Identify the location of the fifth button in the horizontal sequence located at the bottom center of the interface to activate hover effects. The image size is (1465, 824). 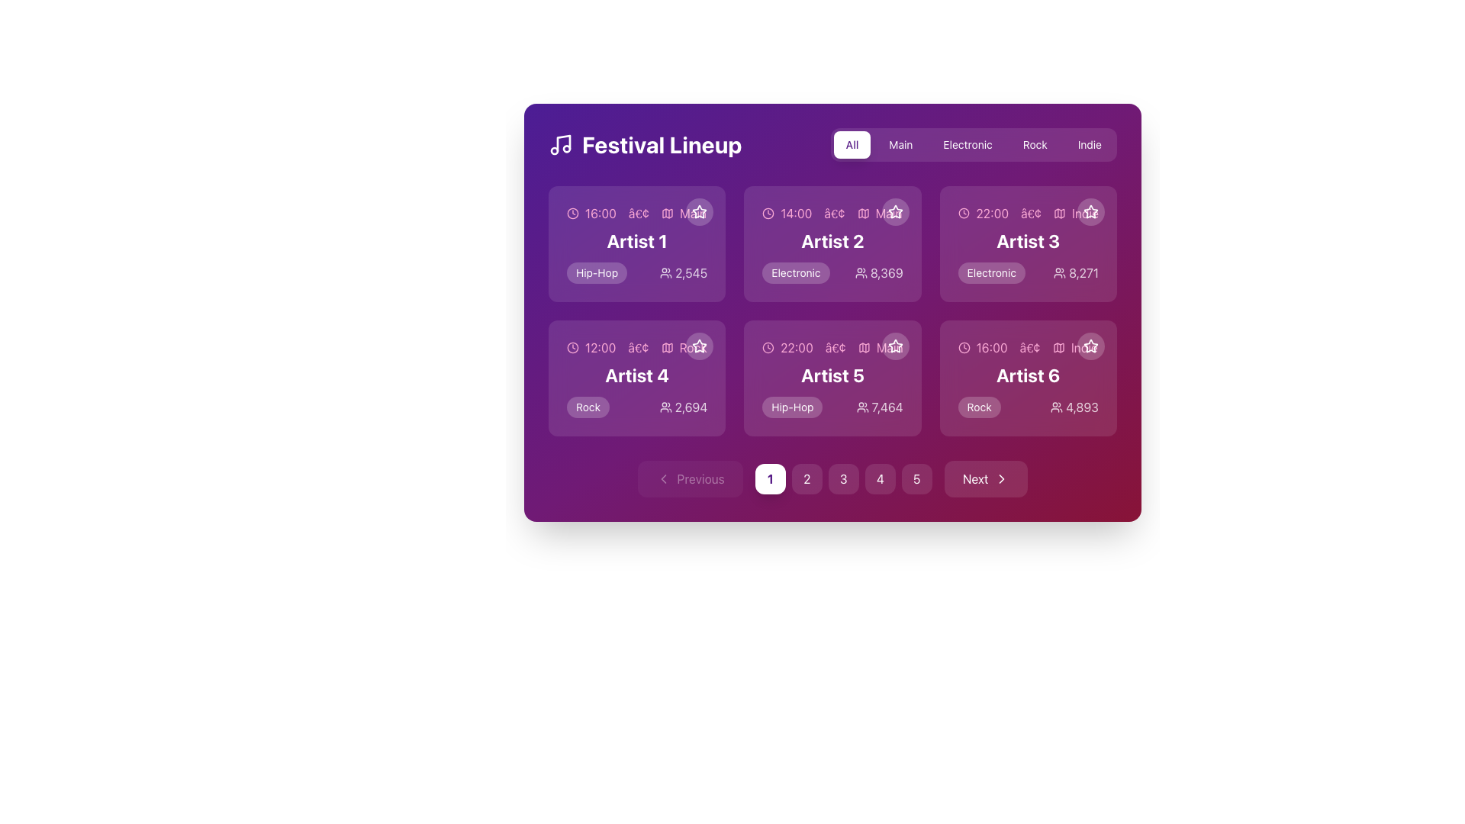
(916, 478).